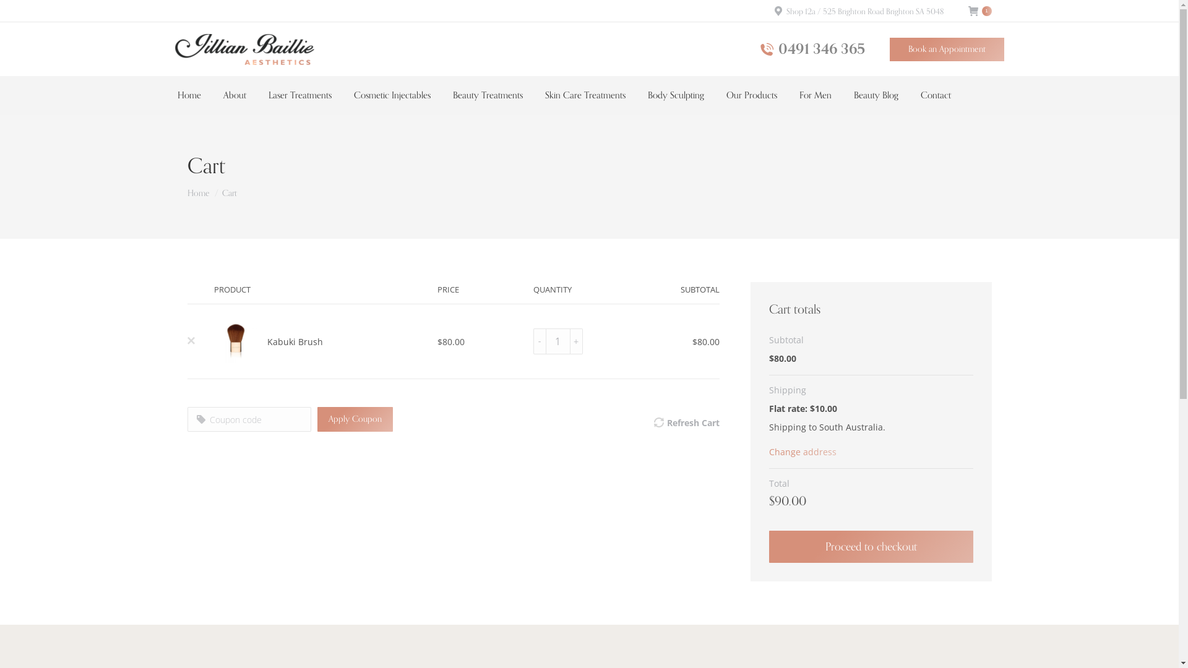 Image resolution: width=1188 pixels, height=668 pixels. Describe the element at coordinates (353, 419) in the screenshot. I see `'Apply Coupon'` at that location.